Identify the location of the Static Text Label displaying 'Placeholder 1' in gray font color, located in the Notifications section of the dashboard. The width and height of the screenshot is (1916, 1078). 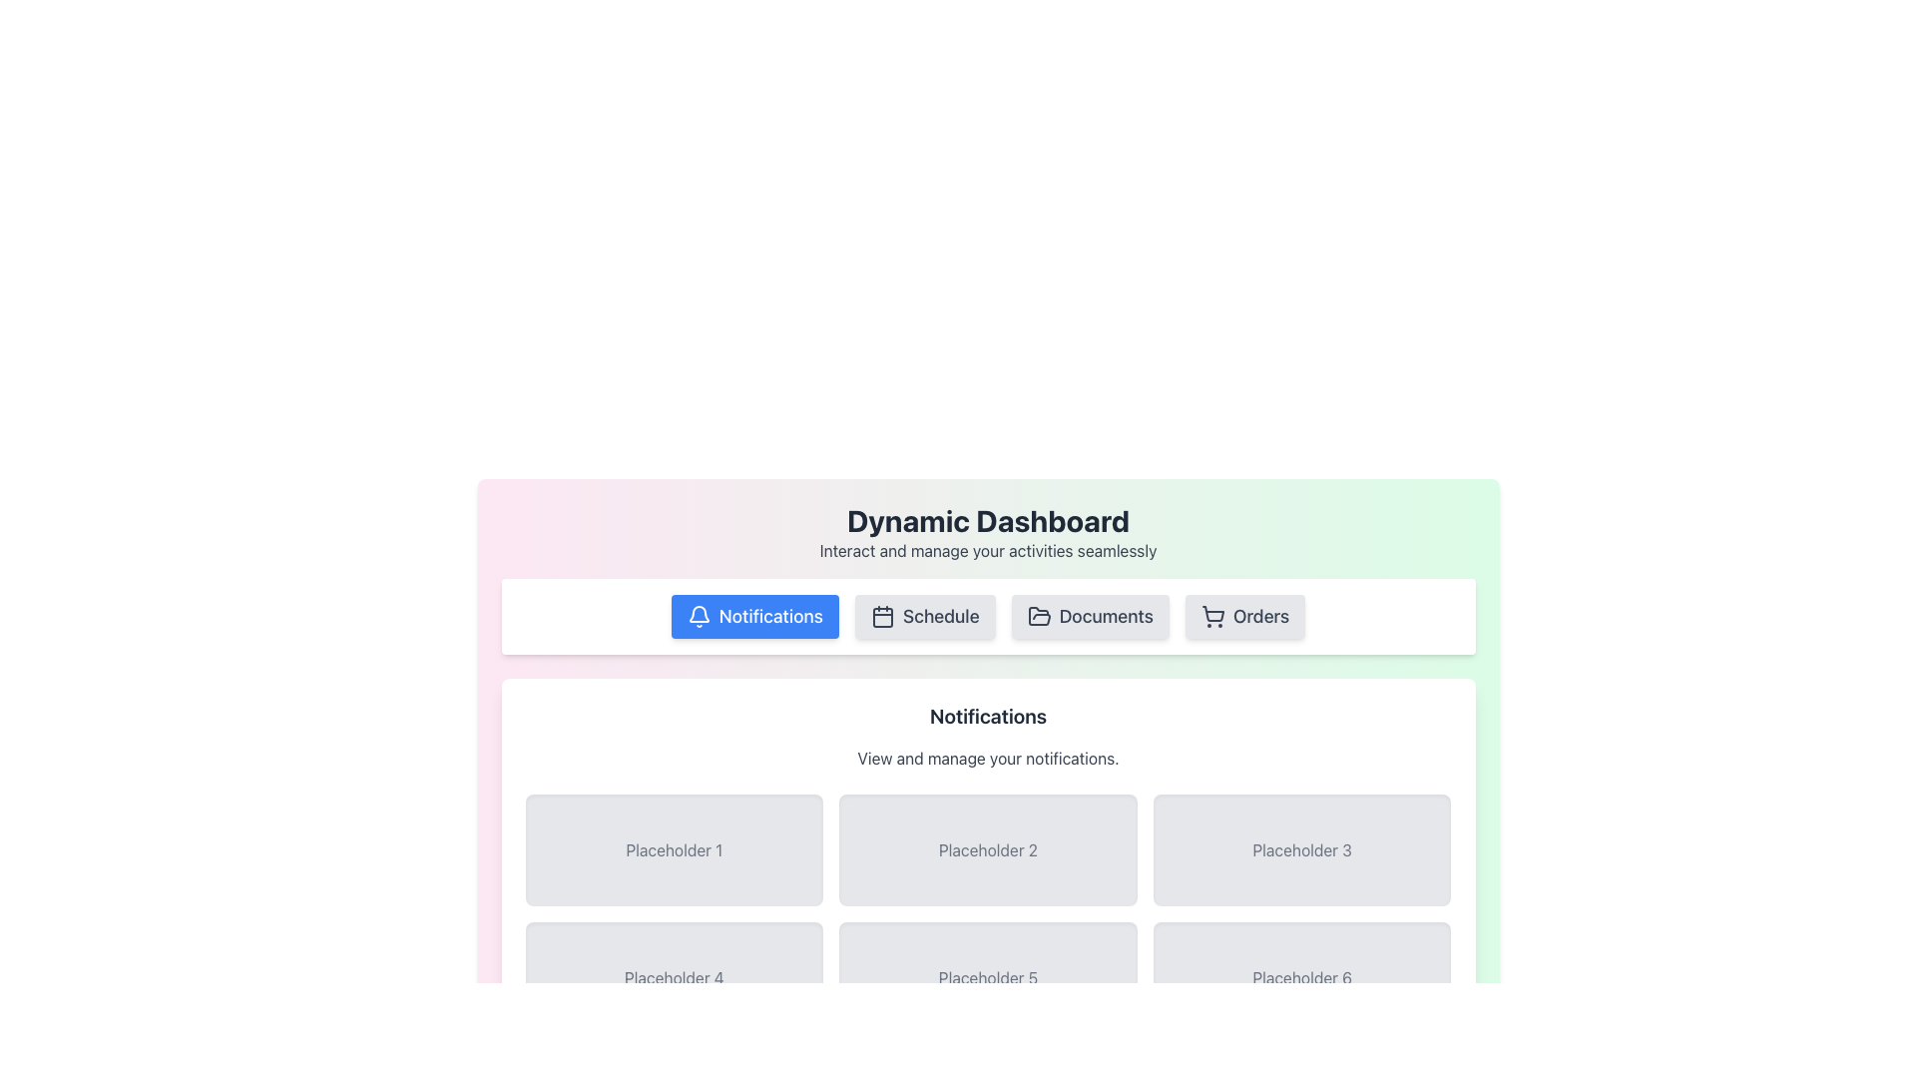
(674, 850).